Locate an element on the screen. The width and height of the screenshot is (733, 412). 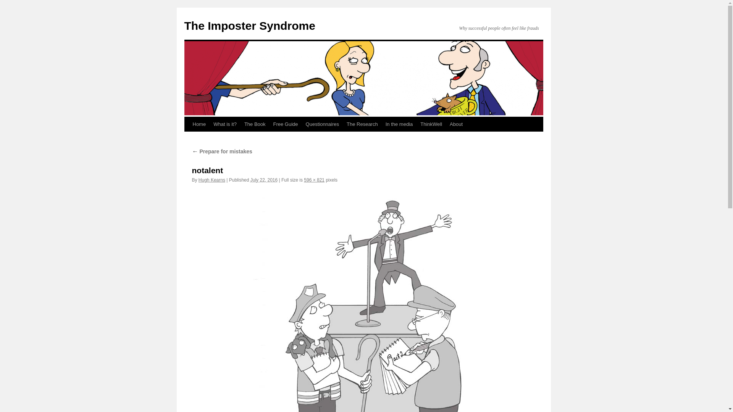
'Skip to content' is located at coordinates (187, 138).